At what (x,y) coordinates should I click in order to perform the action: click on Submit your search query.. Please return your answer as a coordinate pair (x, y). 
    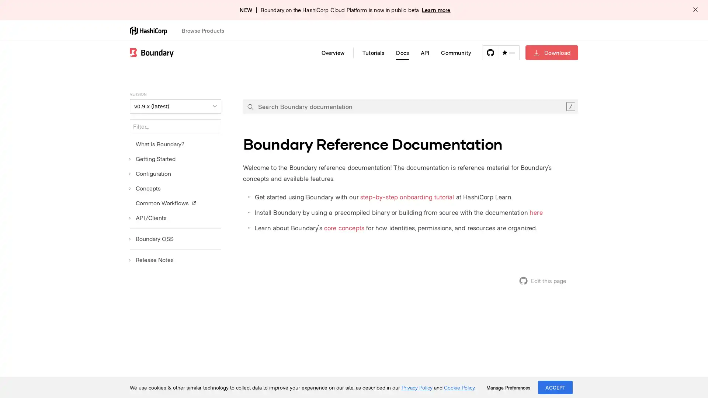
    Looking at the image, I should click on (250, 107).